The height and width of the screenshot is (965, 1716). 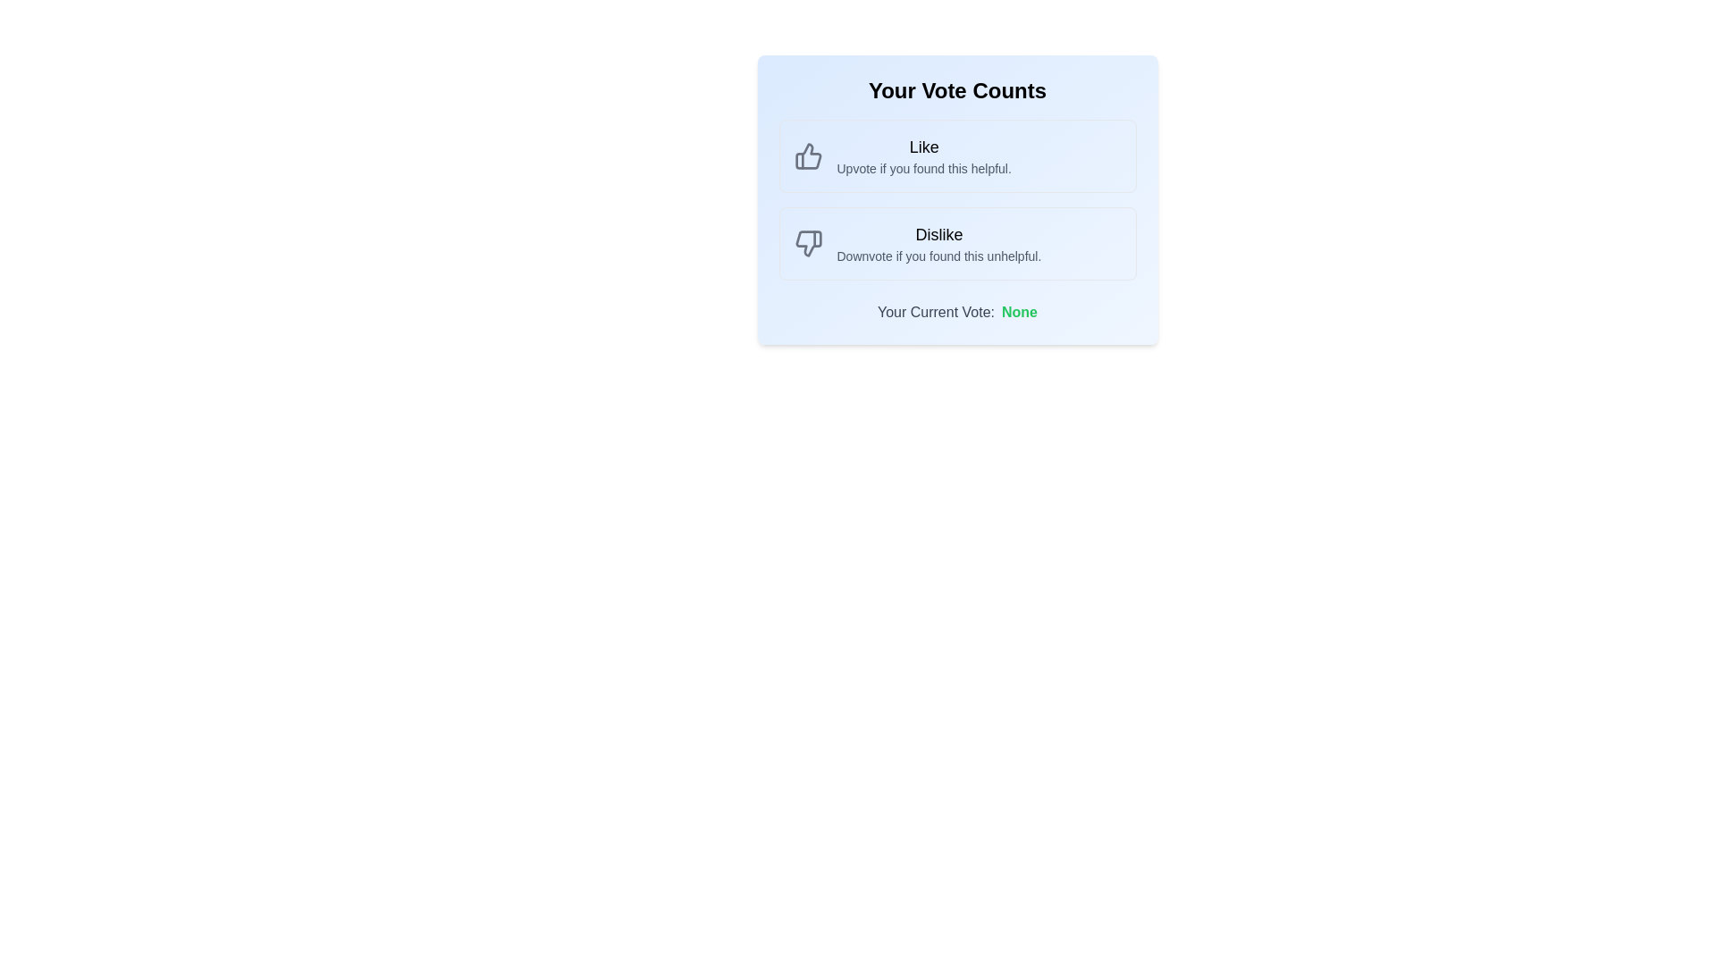 What do you see at coordinates (956, 155) in the screenshot?
I see `the thumbs-up icon in the Interactive feedback component to upvote` at bounding box center [956, 155].